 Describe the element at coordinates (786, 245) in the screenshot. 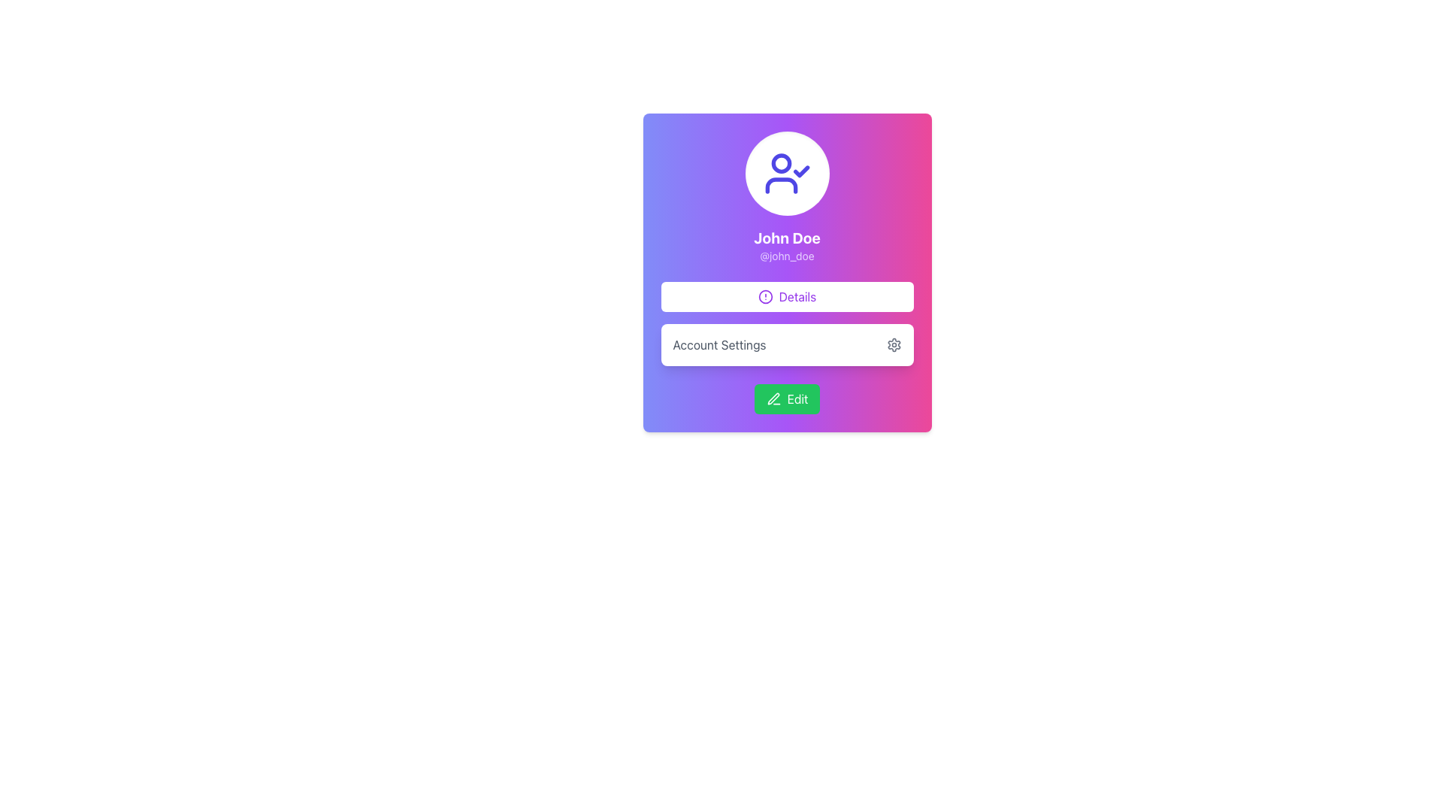

I see `the Text Display element that shows 'John Doe' in bold white font and '@john_doe' in smaller purple font, located centrally above the 'Details' button and below the user icon` at that location.